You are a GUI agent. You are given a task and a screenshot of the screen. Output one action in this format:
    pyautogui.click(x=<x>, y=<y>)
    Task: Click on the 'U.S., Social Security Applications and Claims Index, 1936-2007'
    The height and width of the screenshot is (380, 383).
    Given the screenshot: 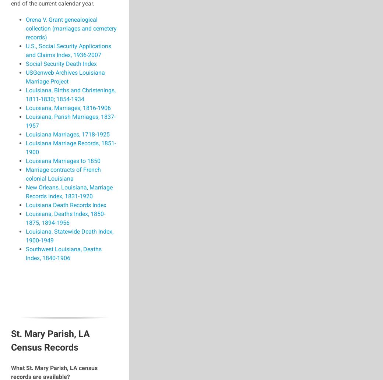 What is the action you would take?
    pyautogui.click(x=68, y=50)
    